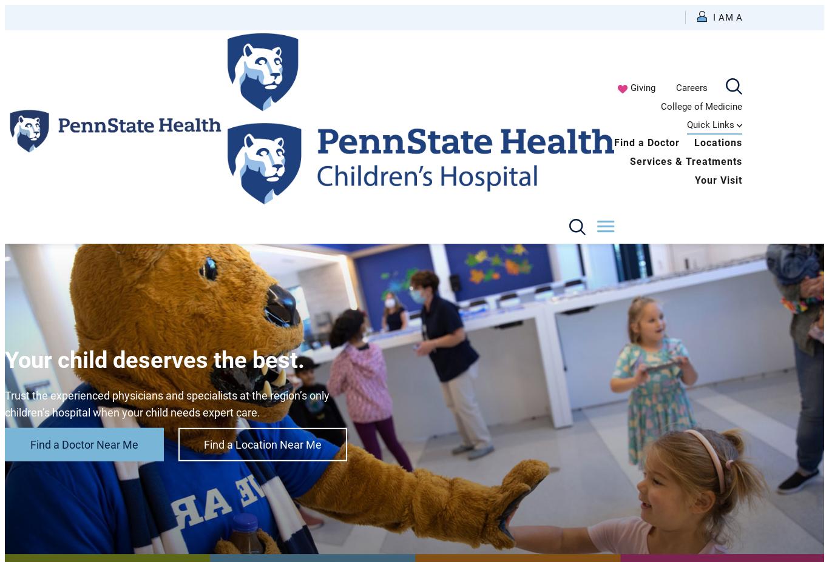 This screenshot has width=829, height=562. What do you see at coordinates (615, 189) in the screenshot?
I see `'Pay My Bill'` at bounding box center [615, 189].